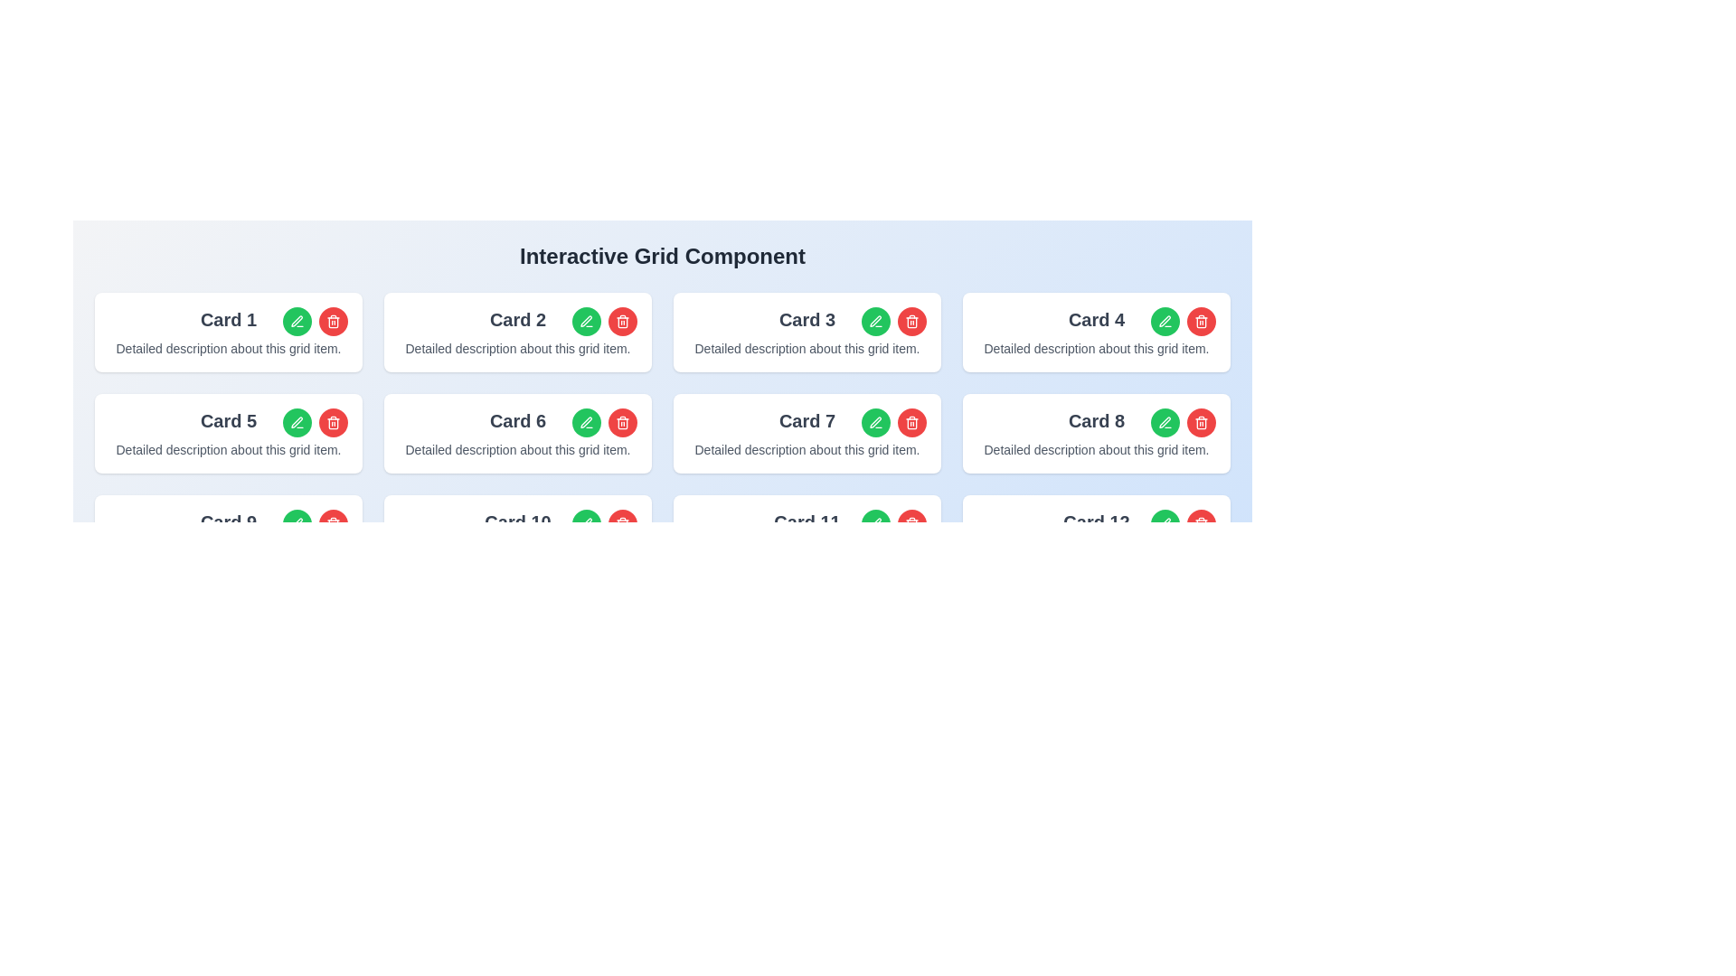 The width and height of the screenshot is (1736, 976). Describe the element at coordinates (623, 320) in the screenshot. I see `the red circular button with a white trash can icon located in the top-right corner of the second card in the grid layout to observe the hover effect` at that location.